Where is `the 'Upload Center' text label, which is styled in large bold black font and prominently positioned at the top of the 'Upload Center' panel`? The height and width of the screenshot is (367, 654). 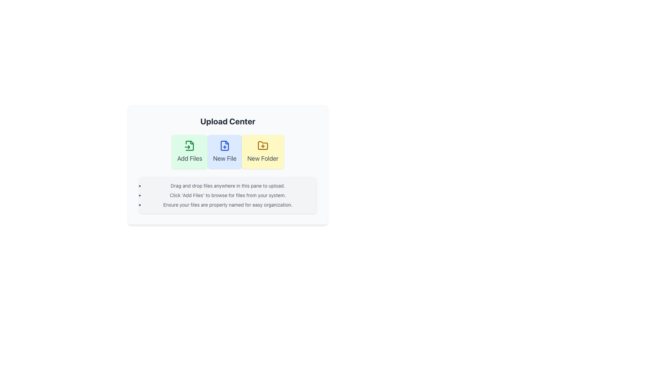 the 'Upload Center' text label, which is styled in large bold black font and prominently positioned at the top of the 'Upload Center' panel is located at coordinates (228, 121).